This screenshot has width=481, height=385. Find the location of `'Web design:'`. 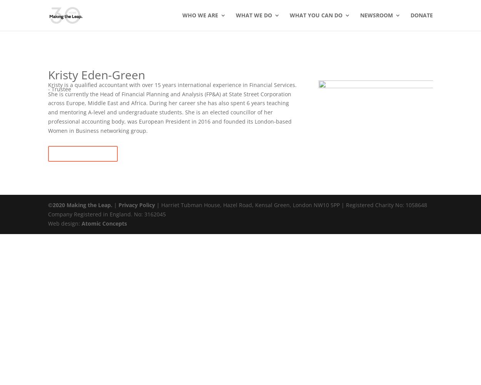

'Web design:' is located at coordinates (65, 223).